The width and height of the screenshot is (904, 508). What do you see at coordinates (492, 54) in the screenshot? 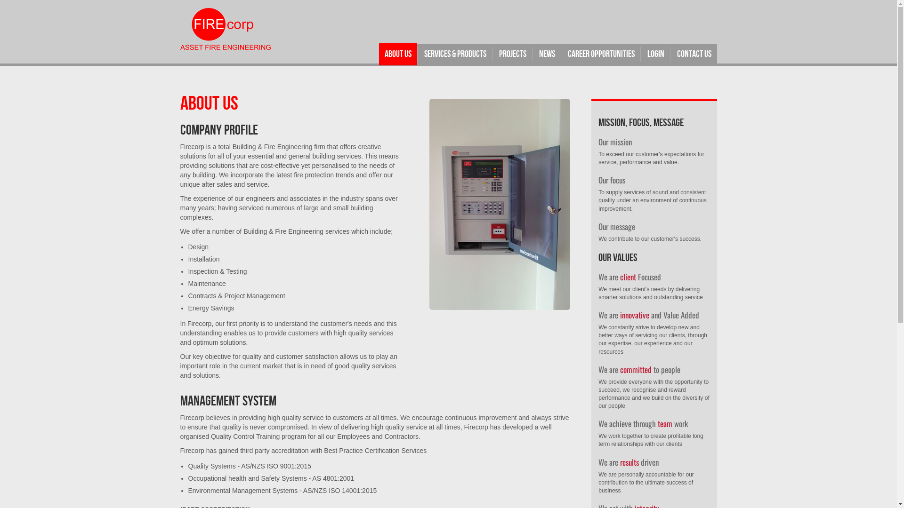
I see `'PROJECTS'` at bounding box center [492, 54].